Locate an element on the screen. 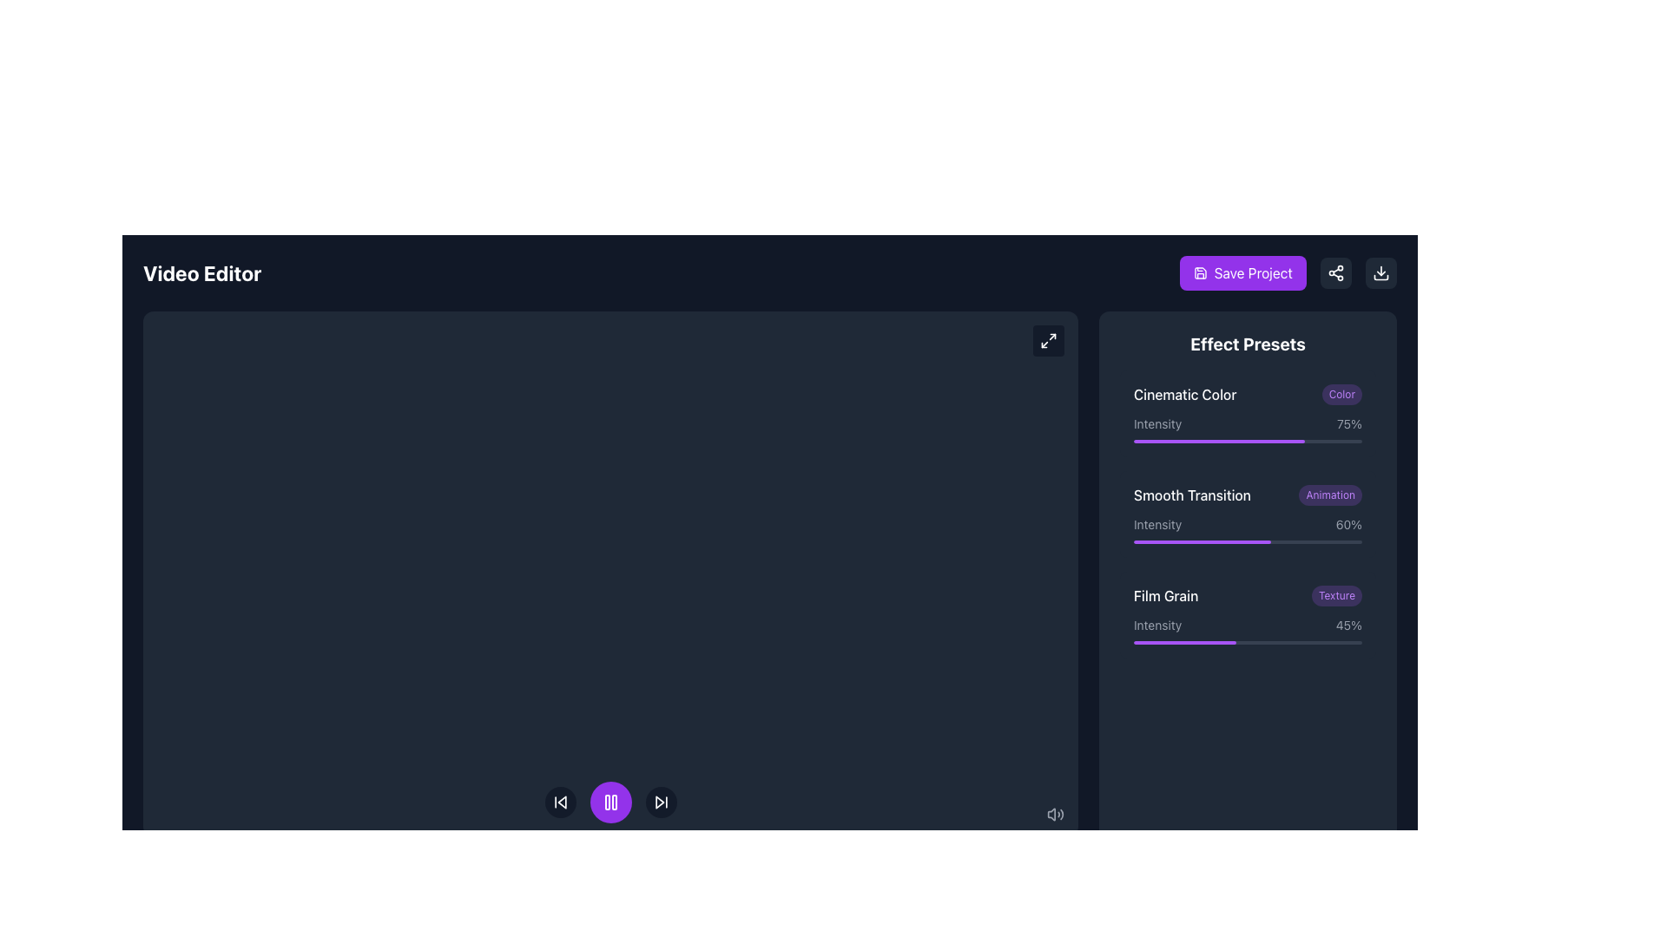 This screenshot has height=937, width=1667. the 'Pause' button icon located at the bottom center of the media player interface is located at coordinates (610, 802).